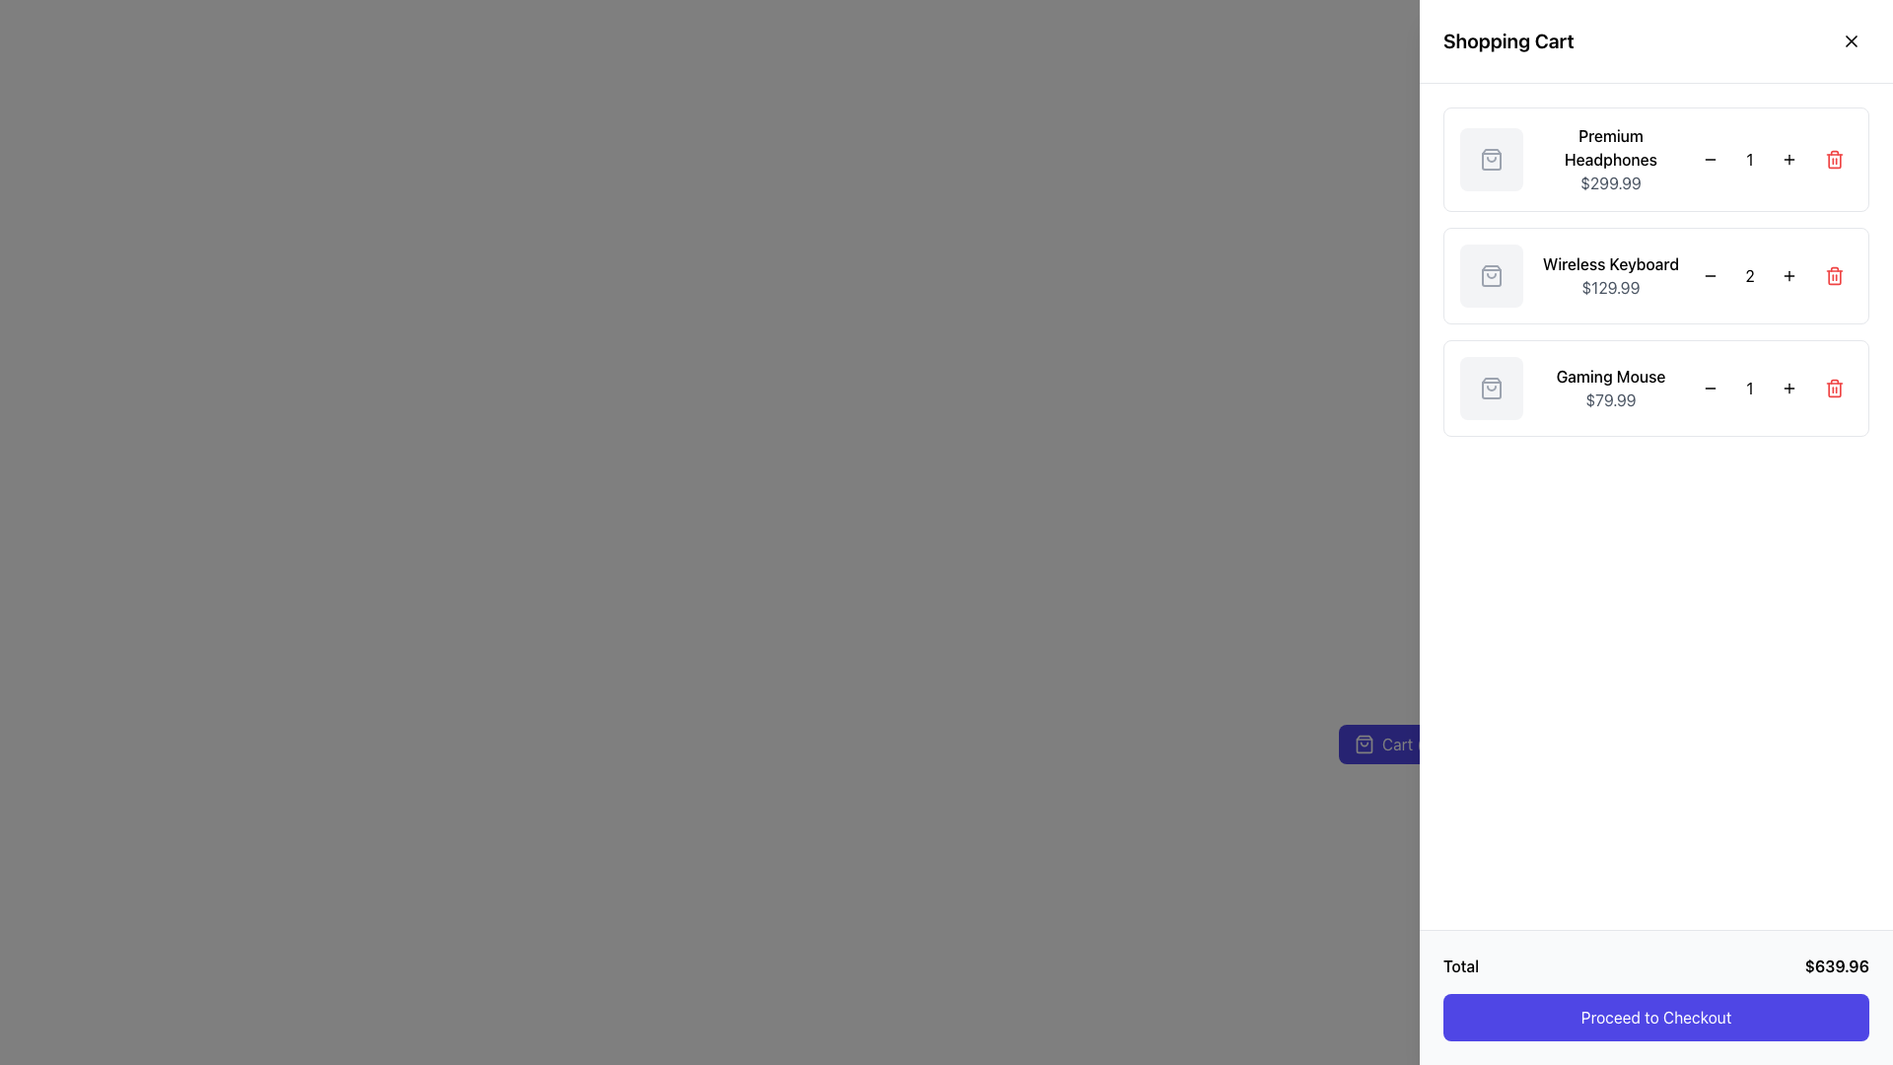 The height and width of the screenshot is (1065, 1893). I want to click on the minus icon to decrease the quantity in the shopping cart for the 'Wireless Keyboard' item, so click(1709, 276).